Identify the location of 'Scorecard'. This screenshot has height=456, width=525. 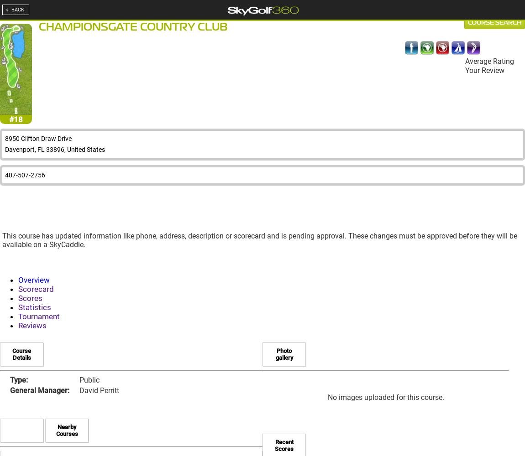
(36, 289).